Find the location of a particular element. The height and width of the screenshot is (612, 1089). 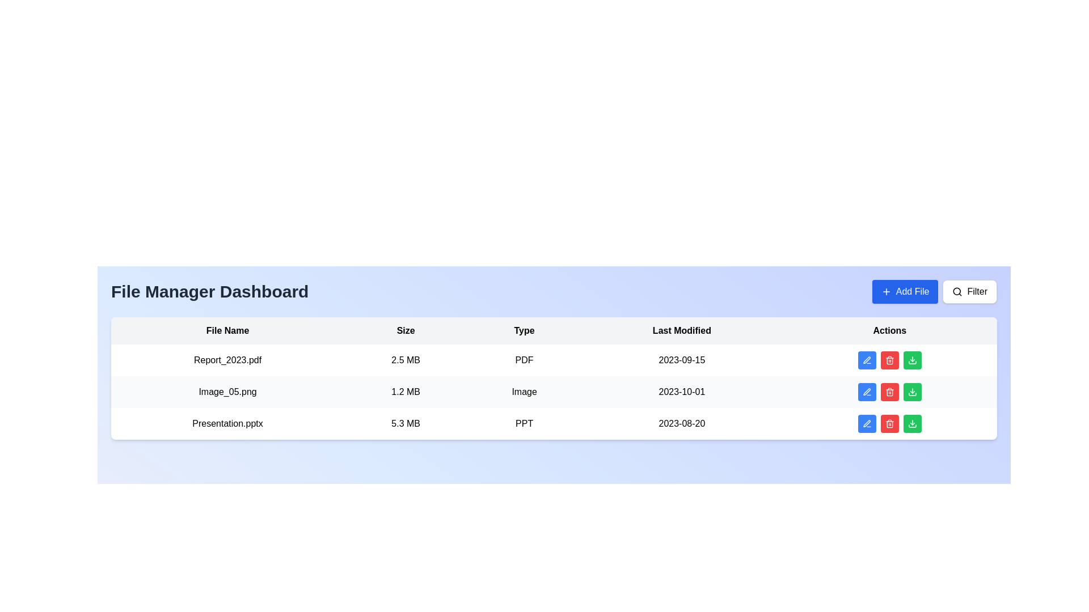

the Text Label that indicates the file type in the second row of the table under the 'Type' column, which is the third column from the left is located at coordinates (524, 391).